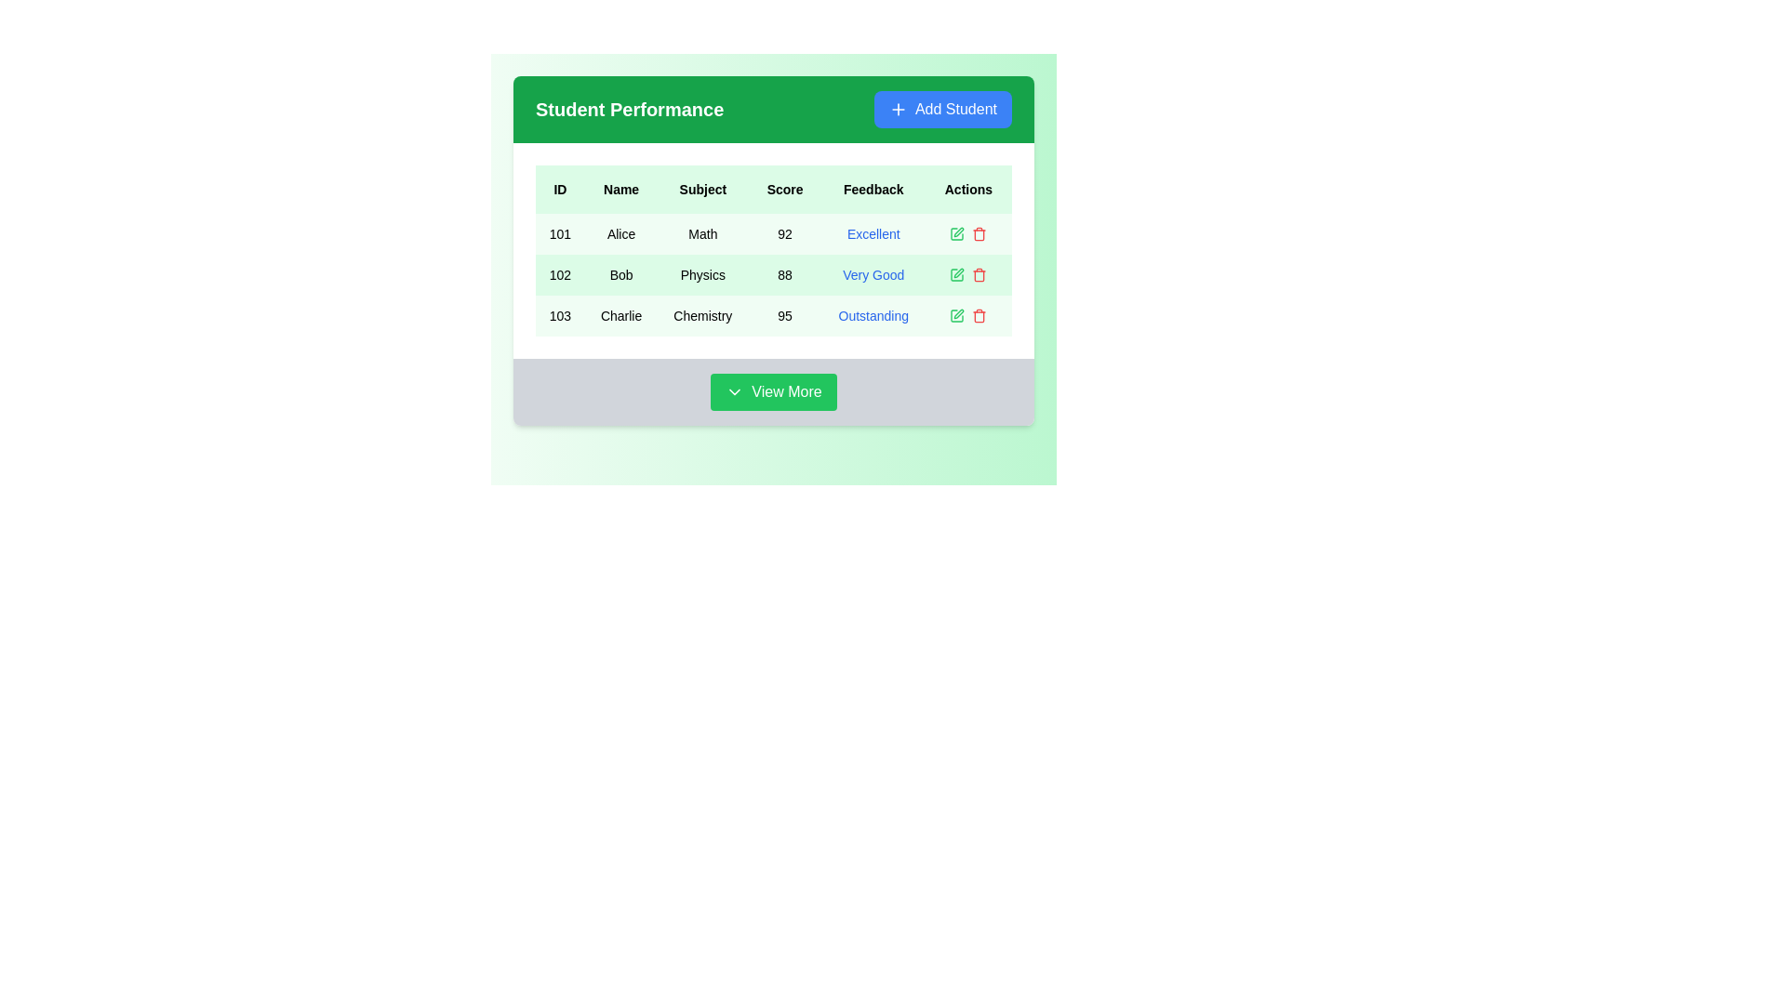  What do you see at coordinates (773, 275) in the screenshot?
I see `content displayed in the second row of the table in the 'Student Performance' section, which shows the performance data of the student named Bob` at bounding box center [773, 275].